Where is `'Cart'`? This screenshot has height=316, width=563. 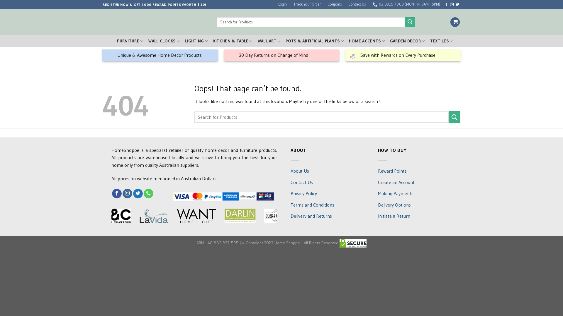 'Cart' is located at coordinates (455, 22).